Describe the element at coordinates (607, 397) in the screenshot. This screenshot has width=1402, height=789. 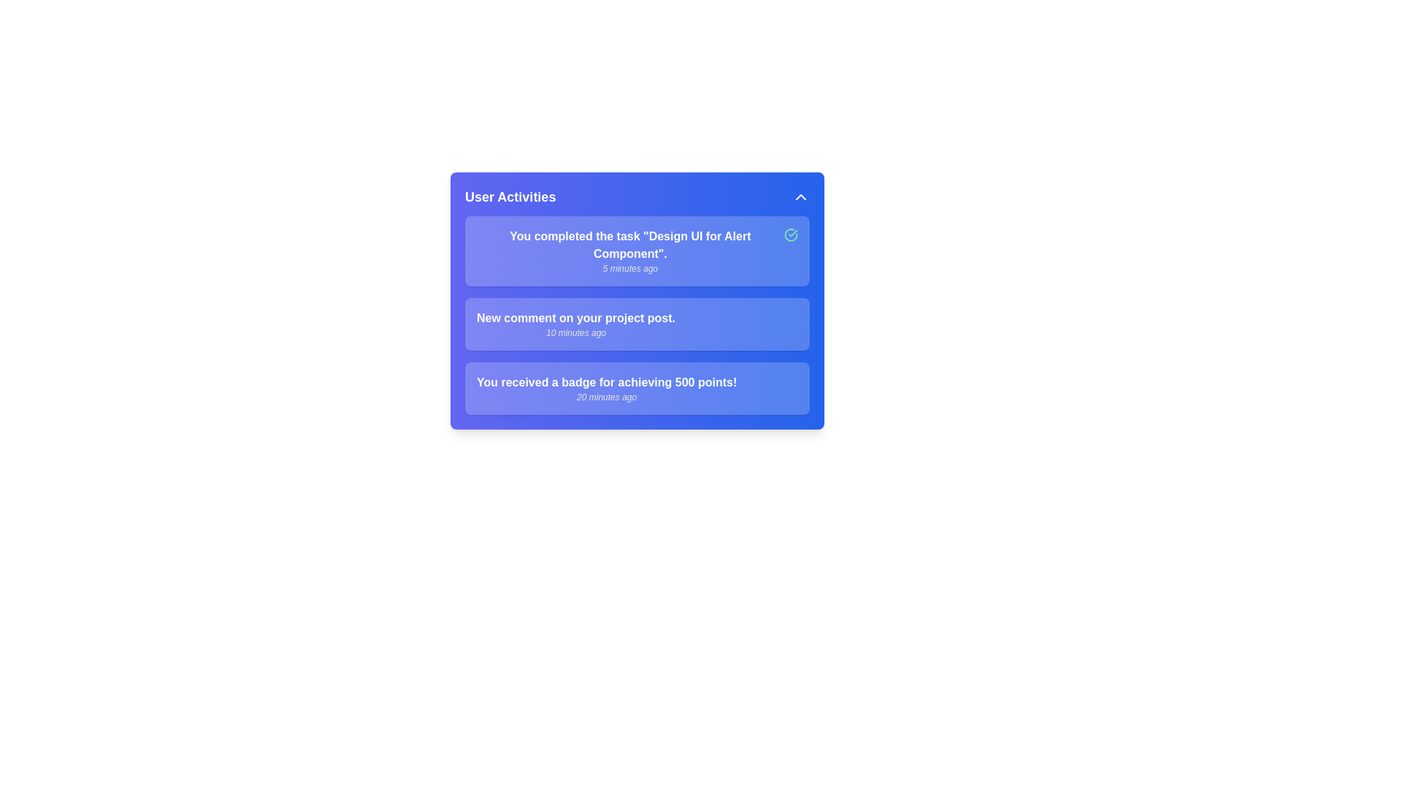
I see `the timestamp text label displaying '20 minutes ago'` at that location.